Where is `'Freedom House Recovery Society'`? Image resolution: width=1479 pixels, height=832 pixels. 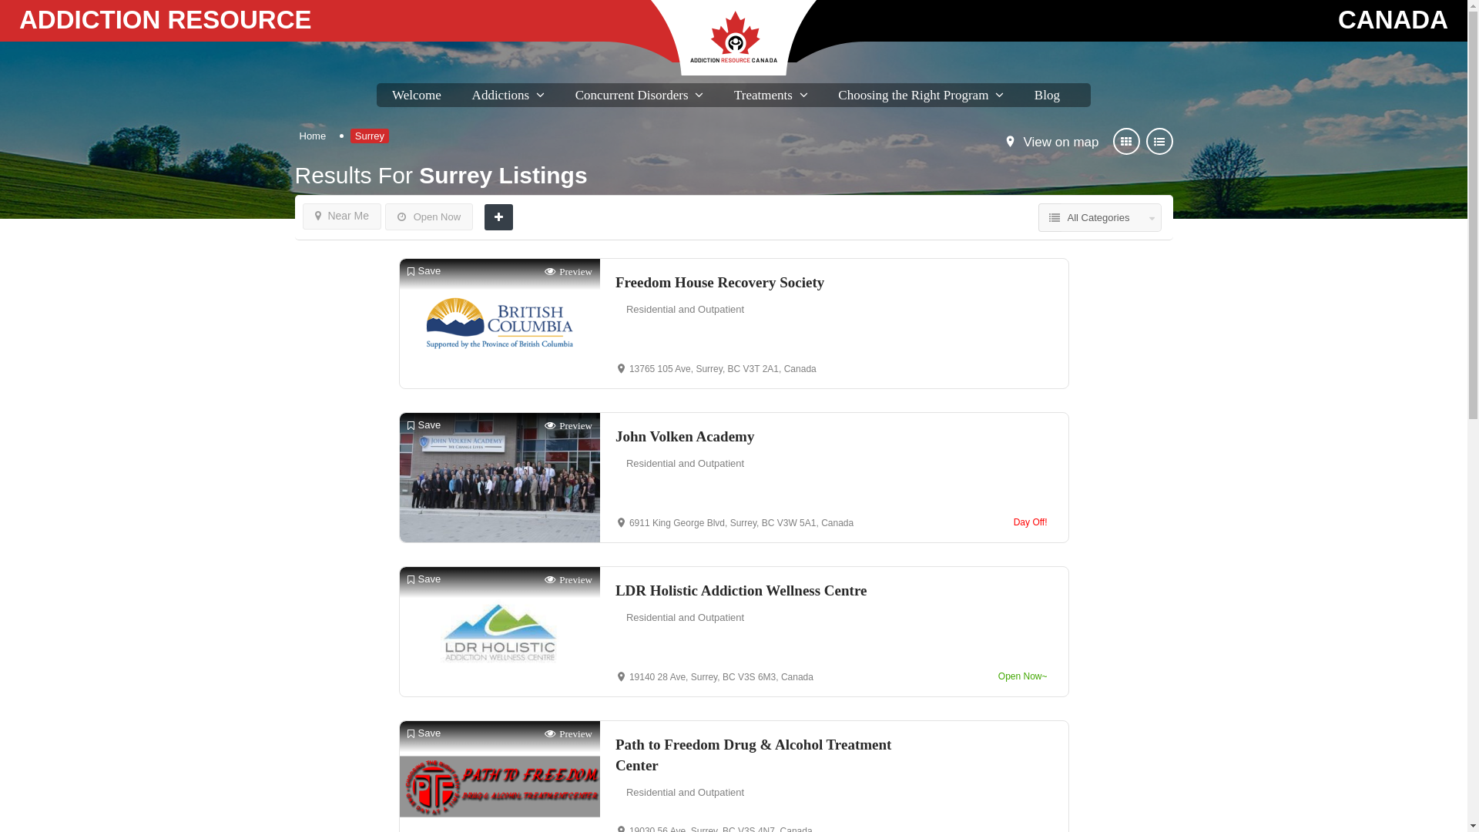
'Freedom House Recovery Society' is located at coordinates (614, 282).